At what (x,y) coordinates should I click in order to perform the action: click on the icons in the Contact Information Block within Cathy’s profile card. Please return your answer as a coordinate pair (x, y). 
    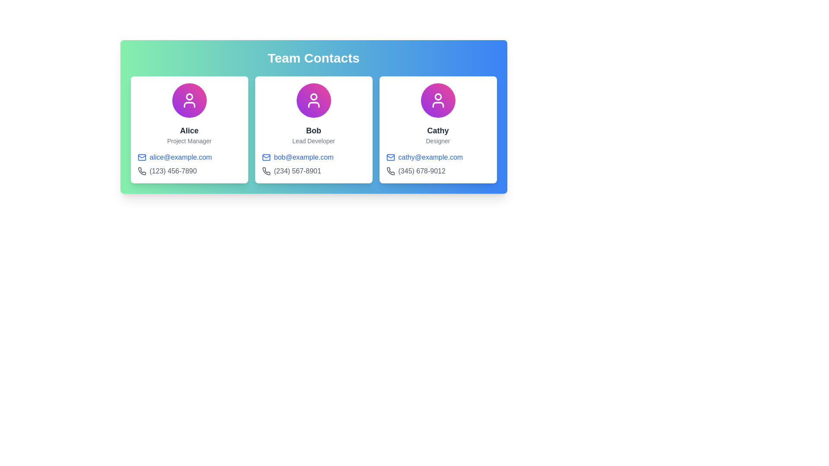
    Looking at the image, I should click on (438, 164).